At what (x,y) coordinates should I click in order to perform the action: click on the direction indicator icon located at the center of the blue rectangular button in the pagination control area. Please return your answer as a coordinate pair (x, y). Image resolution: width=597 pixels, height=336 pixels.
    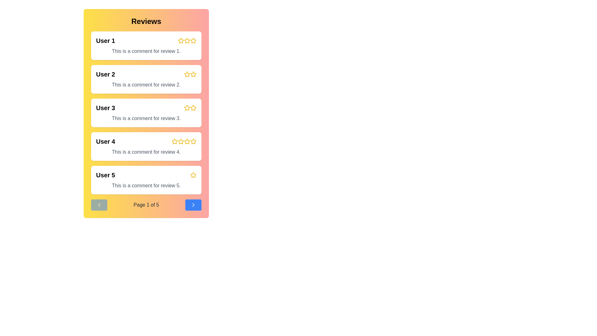
    Looking at the image, I should click on (193, 205).